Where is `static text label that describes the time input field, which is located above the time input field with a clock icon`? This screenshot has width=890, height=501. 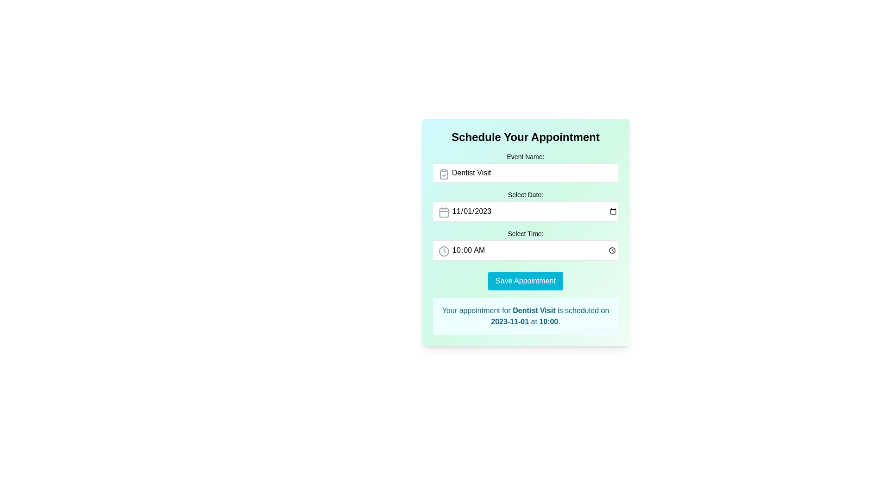
static text label that describes the time input field, which is located above the time input field with a clock icon is located at coordinates (525, 233).